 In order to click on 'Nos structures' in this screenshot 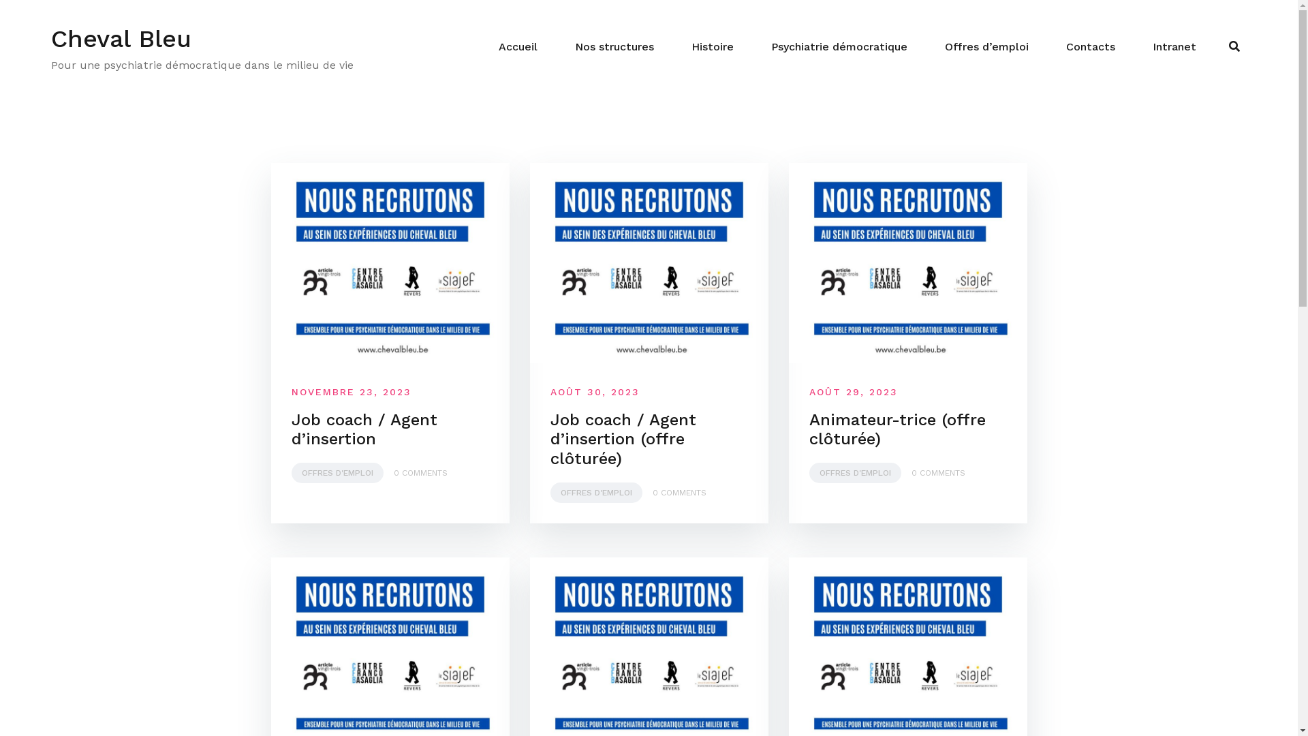, I will do `click(614, 46)`.